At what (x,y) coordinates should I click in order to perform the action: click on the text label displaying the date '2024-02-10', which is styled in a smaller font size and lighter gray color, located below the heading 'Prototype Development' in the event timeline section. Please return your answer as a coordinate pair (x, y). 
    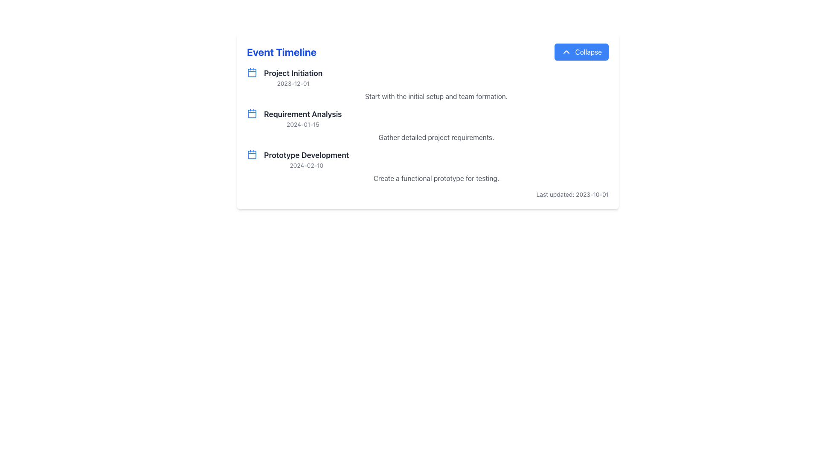
    Looking at the image, I should click on (306, 166).